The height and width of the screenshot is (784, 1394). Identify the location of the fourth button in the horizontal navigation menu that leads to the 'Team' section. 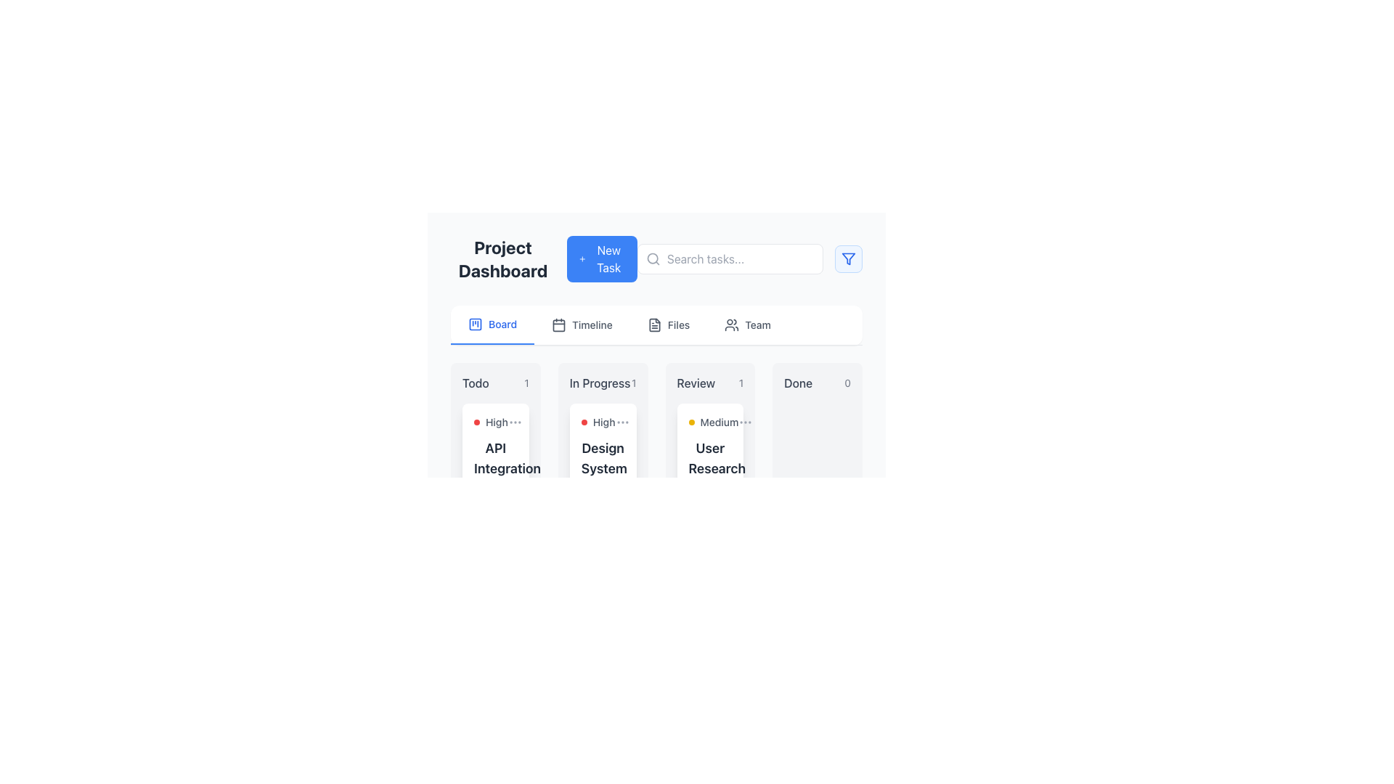
(748, 324).